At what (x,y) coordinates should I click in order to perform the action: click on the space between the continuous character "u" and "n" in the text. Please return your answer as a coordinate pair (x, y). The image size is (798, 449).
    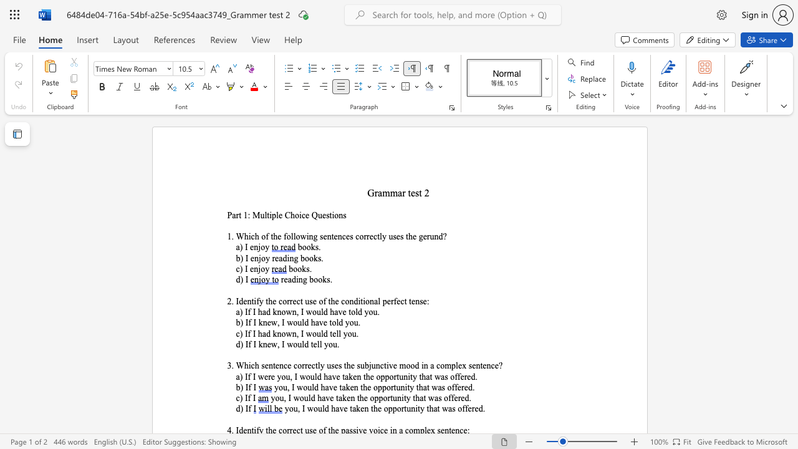
    Looking at the image, I should click on (403, 376).